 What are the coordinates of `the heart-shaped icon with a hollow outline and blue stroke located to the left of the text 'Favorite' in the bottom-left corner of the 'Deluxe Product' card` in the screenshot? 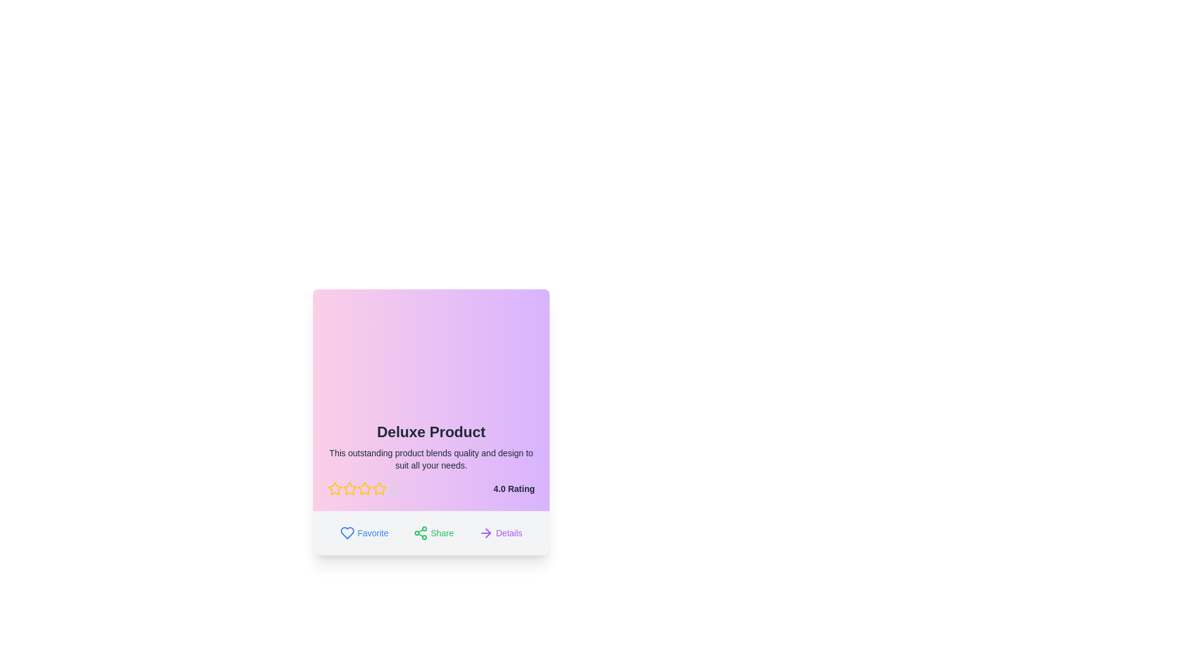 It's located at (347, 533).